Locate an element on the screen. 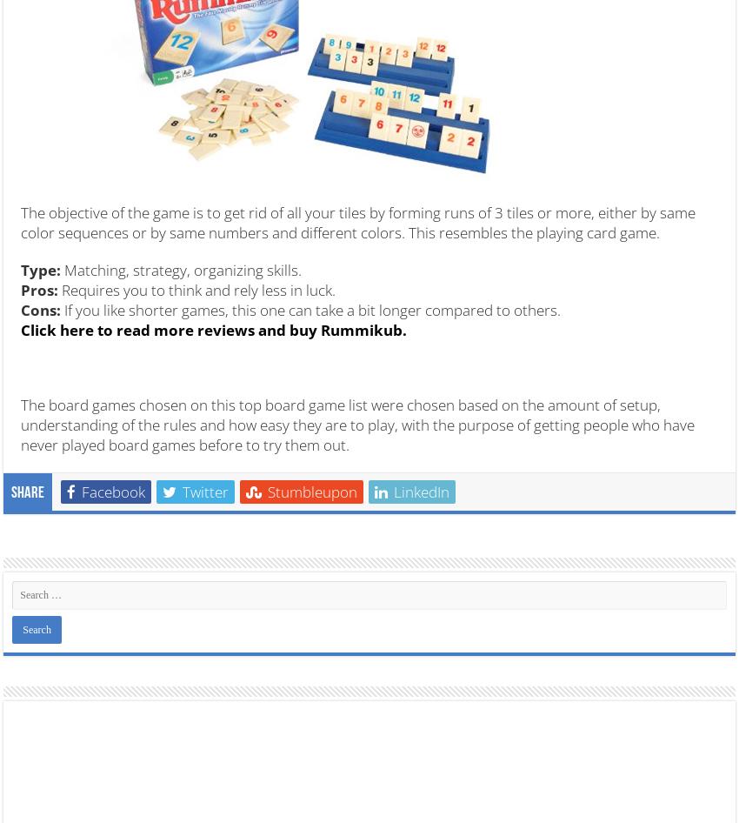  'If you like shorter games, this one can take a bit longer compared to others.' is located at coordinates (61, 309).